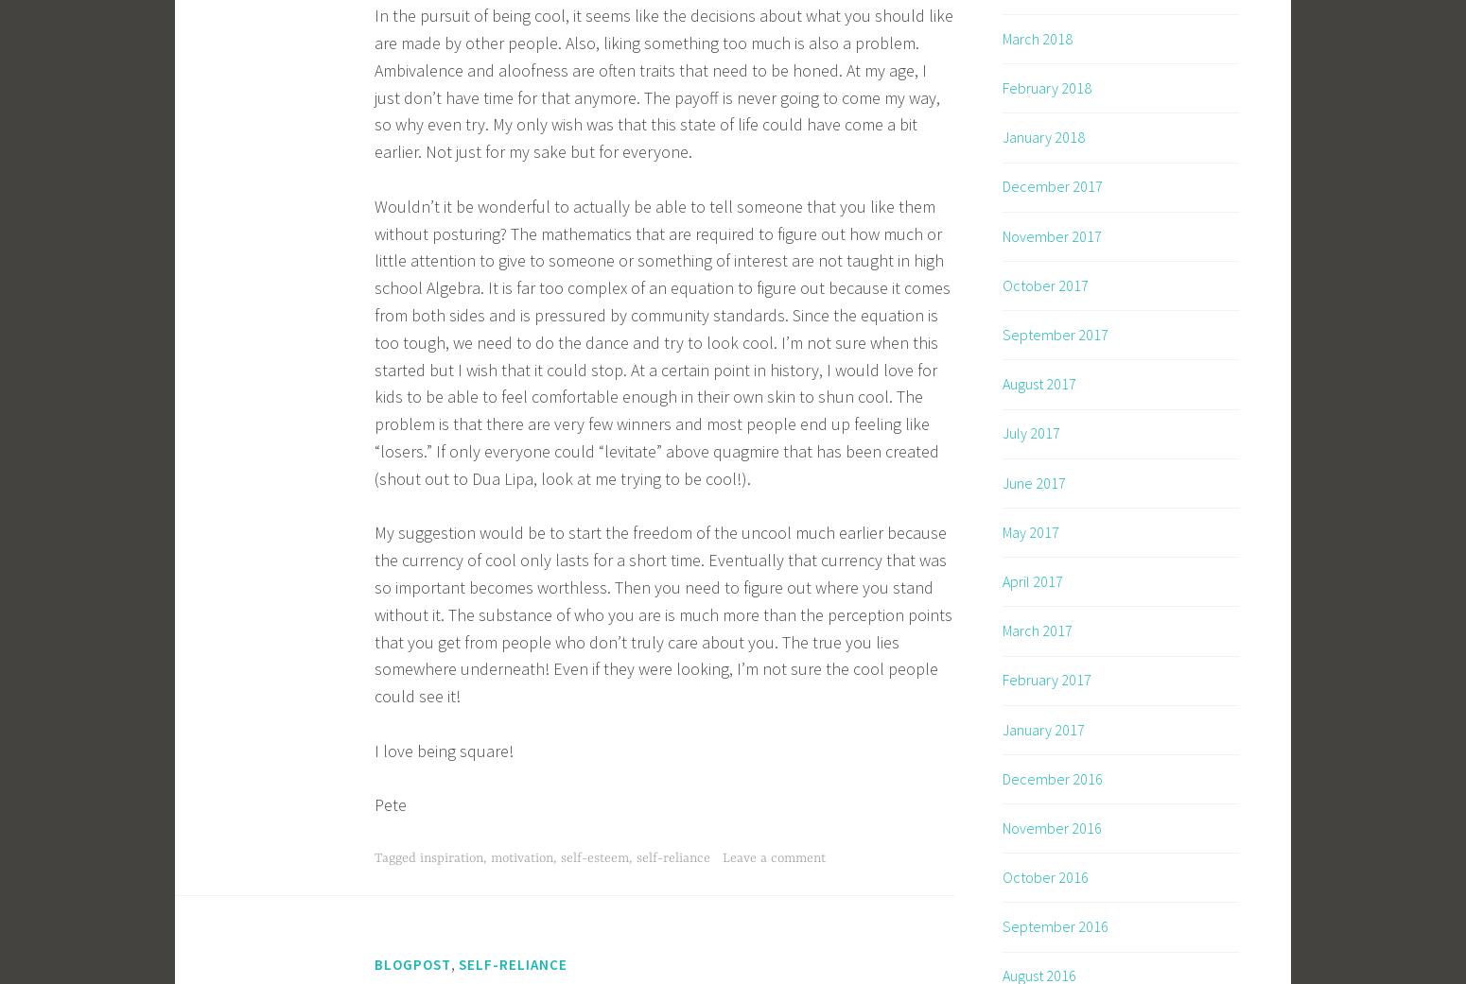  Describe the element at coordinates (1051, 234) in the screenshot. I see `'November 2017'` at that location.